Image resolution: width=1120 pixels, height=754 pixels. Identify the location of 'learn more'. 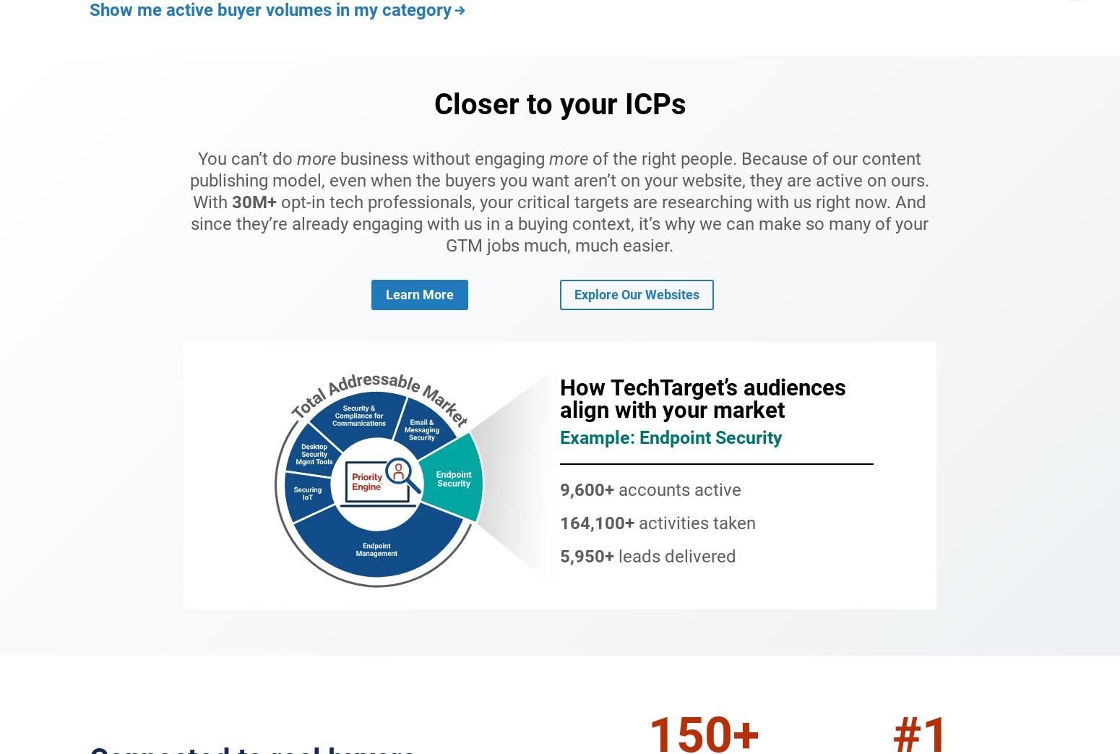
(419, 294).